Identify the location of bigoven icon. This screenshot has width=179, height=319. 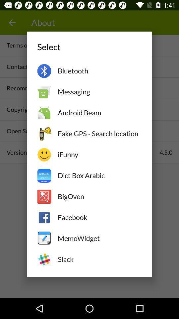
(99, 196).